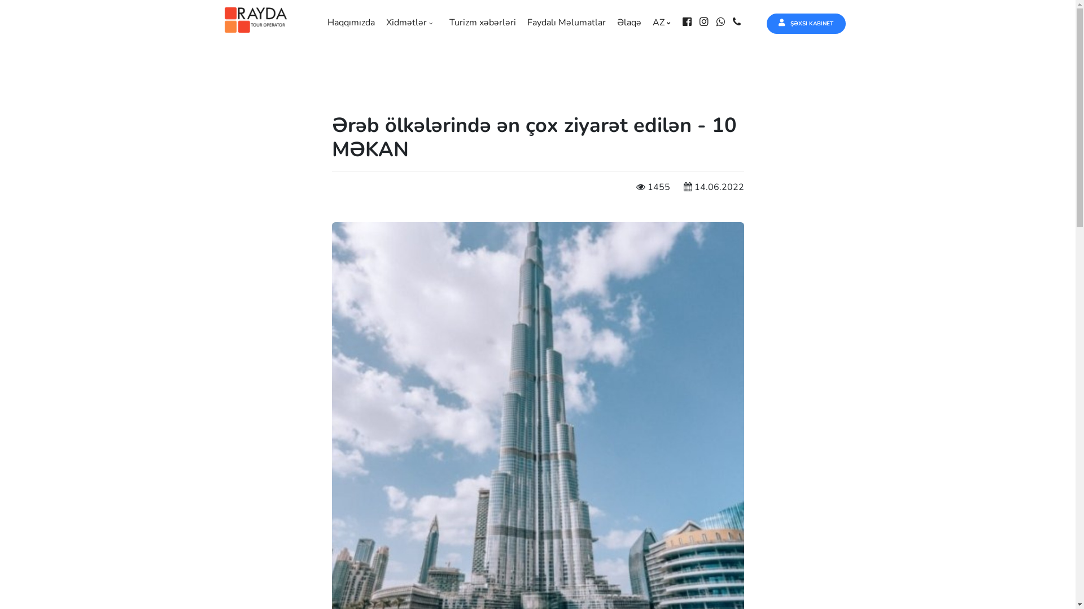 The height and width of the screenshot is (609, 1084). Describe the element at coordinates (706, 23) in the screenshot. I see `'instagram'` at that location.